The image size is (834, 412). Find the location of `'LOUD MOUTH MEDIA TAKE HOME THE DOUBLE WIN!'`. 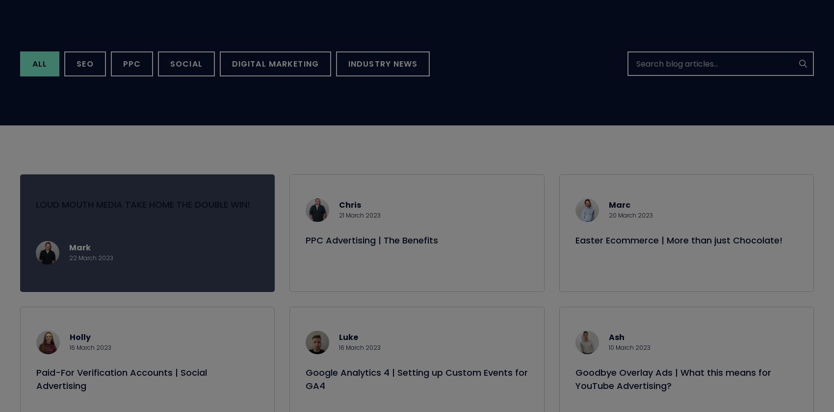

'LOUD MOUTH MEDIA TAKE HOME THE DOUBLE WIN!' is located at coordinates (143, 216).